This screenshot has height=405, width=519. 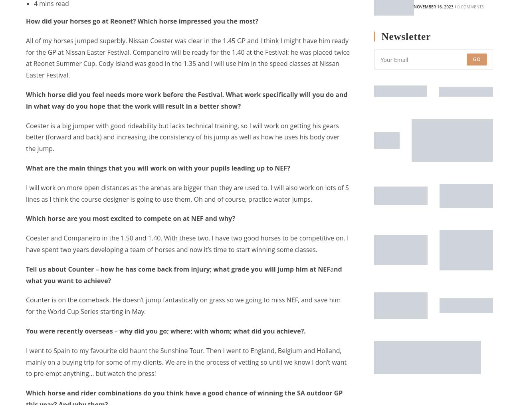 I want to click on 'All of my horses jumped superbly. Nissan Coester was clear in the 1.45 GP and I think I might have him ready for the GP at Nissan Easter Festival. Companeiro will be ready for the 1.40 at the Festival: he was placed twice at Reonet Summer Cup. Cody Island was good in the 1.35 and I will use him in the speed classes at Nissan Easter Festival.', so click(x=187, y=58).